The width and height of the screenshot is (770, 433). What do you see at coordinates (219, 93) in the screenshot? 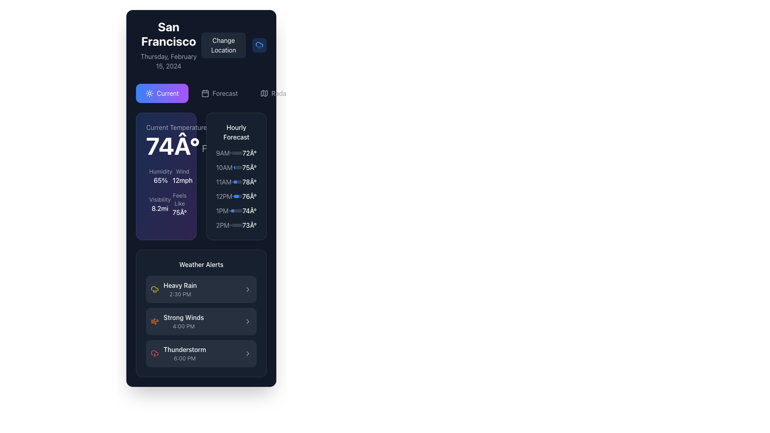
I see `the second navigation button located between the 'Current' and 'Radar' buttons to activate hover effects` at bounding box center [219, 93].